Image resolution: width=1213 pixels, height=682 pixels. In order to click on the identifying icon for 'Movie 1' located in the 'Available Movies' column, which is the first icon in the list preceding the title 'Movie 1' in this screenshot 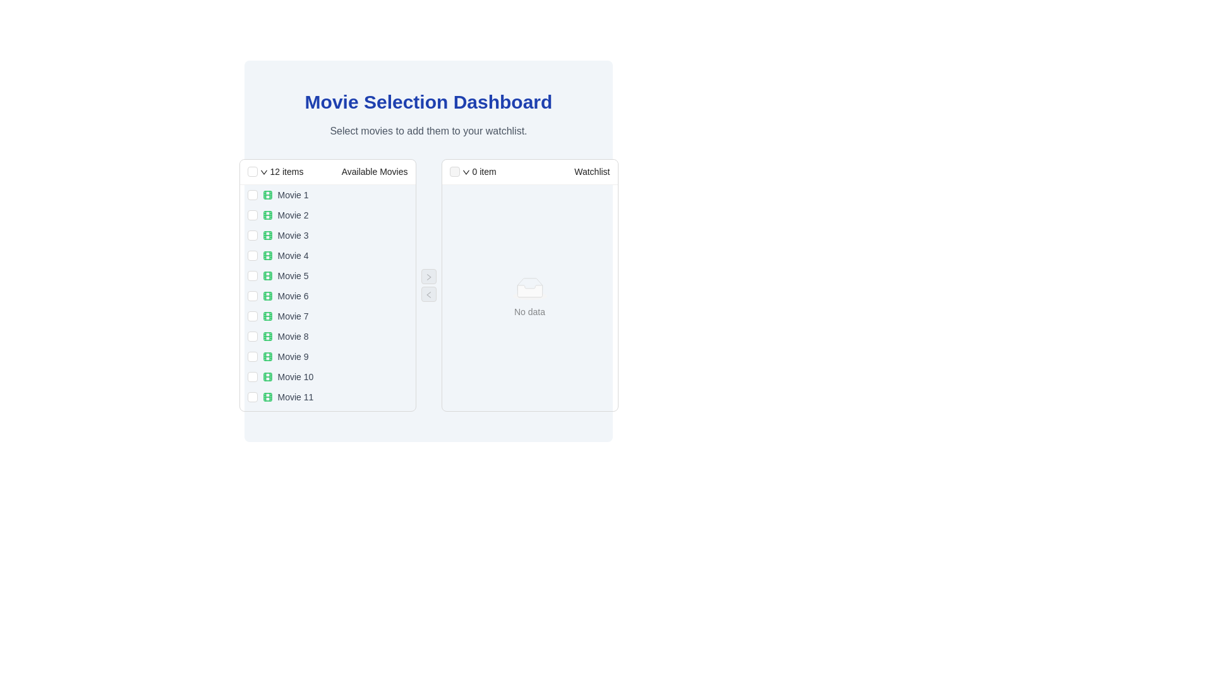, I will do `click(267, 194)`.